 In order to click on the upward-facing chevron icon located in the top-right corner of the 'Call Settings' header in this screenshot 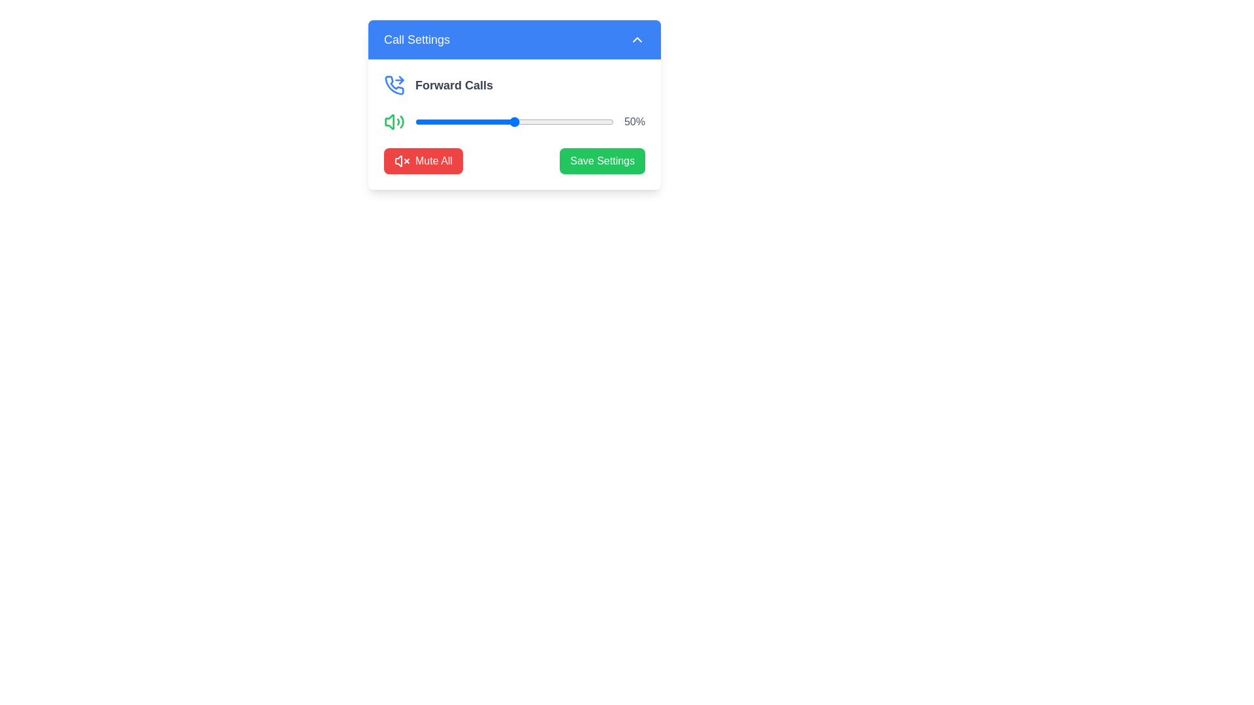, I will do `click(637, 39)`.